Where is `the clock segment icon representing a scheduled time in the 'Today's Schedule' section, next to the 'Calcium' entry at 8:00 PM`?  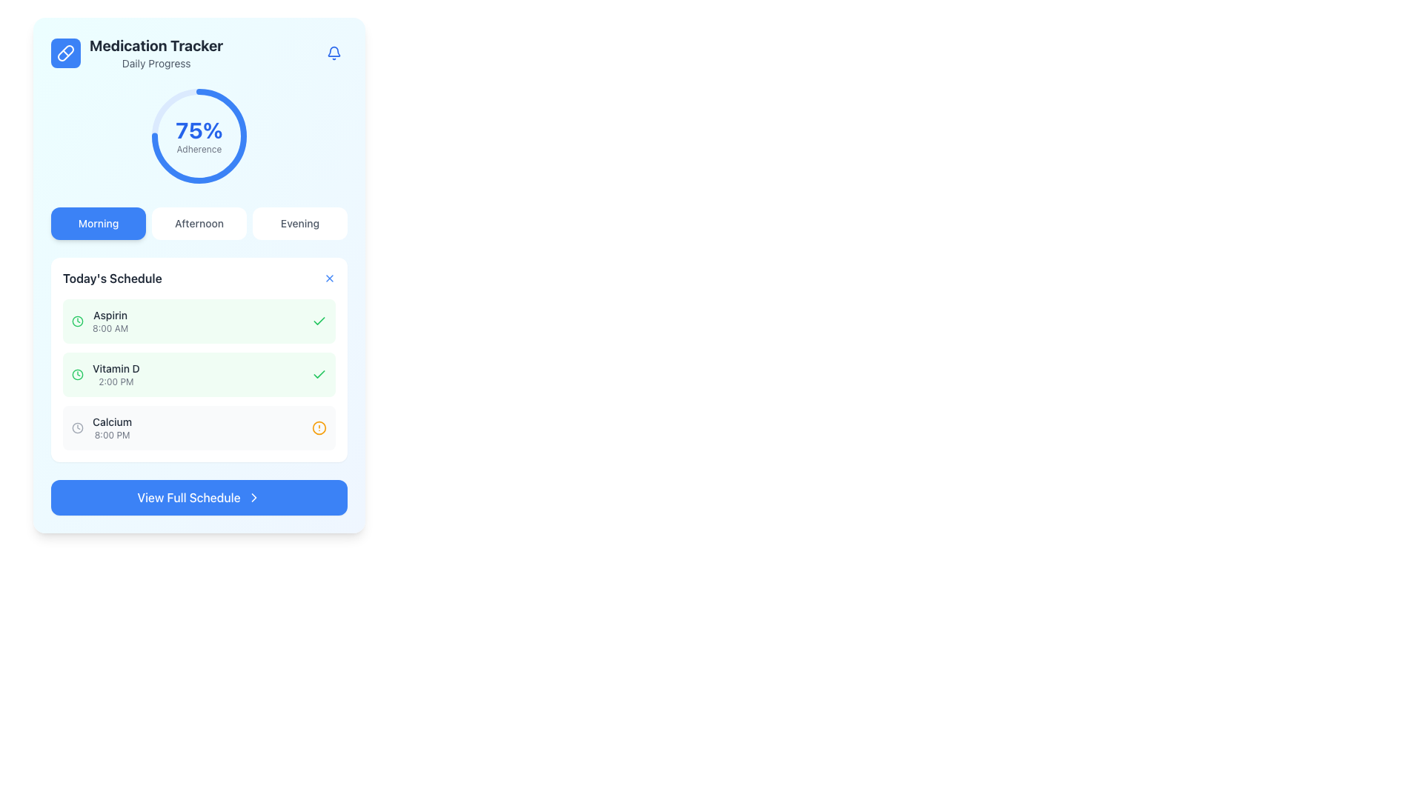
the clock segment icon representing a scheduled time in the 'Today's Schedule' section, next to the 'Calcium' entry at 8:00 PM is located at coordinates (77, 428).